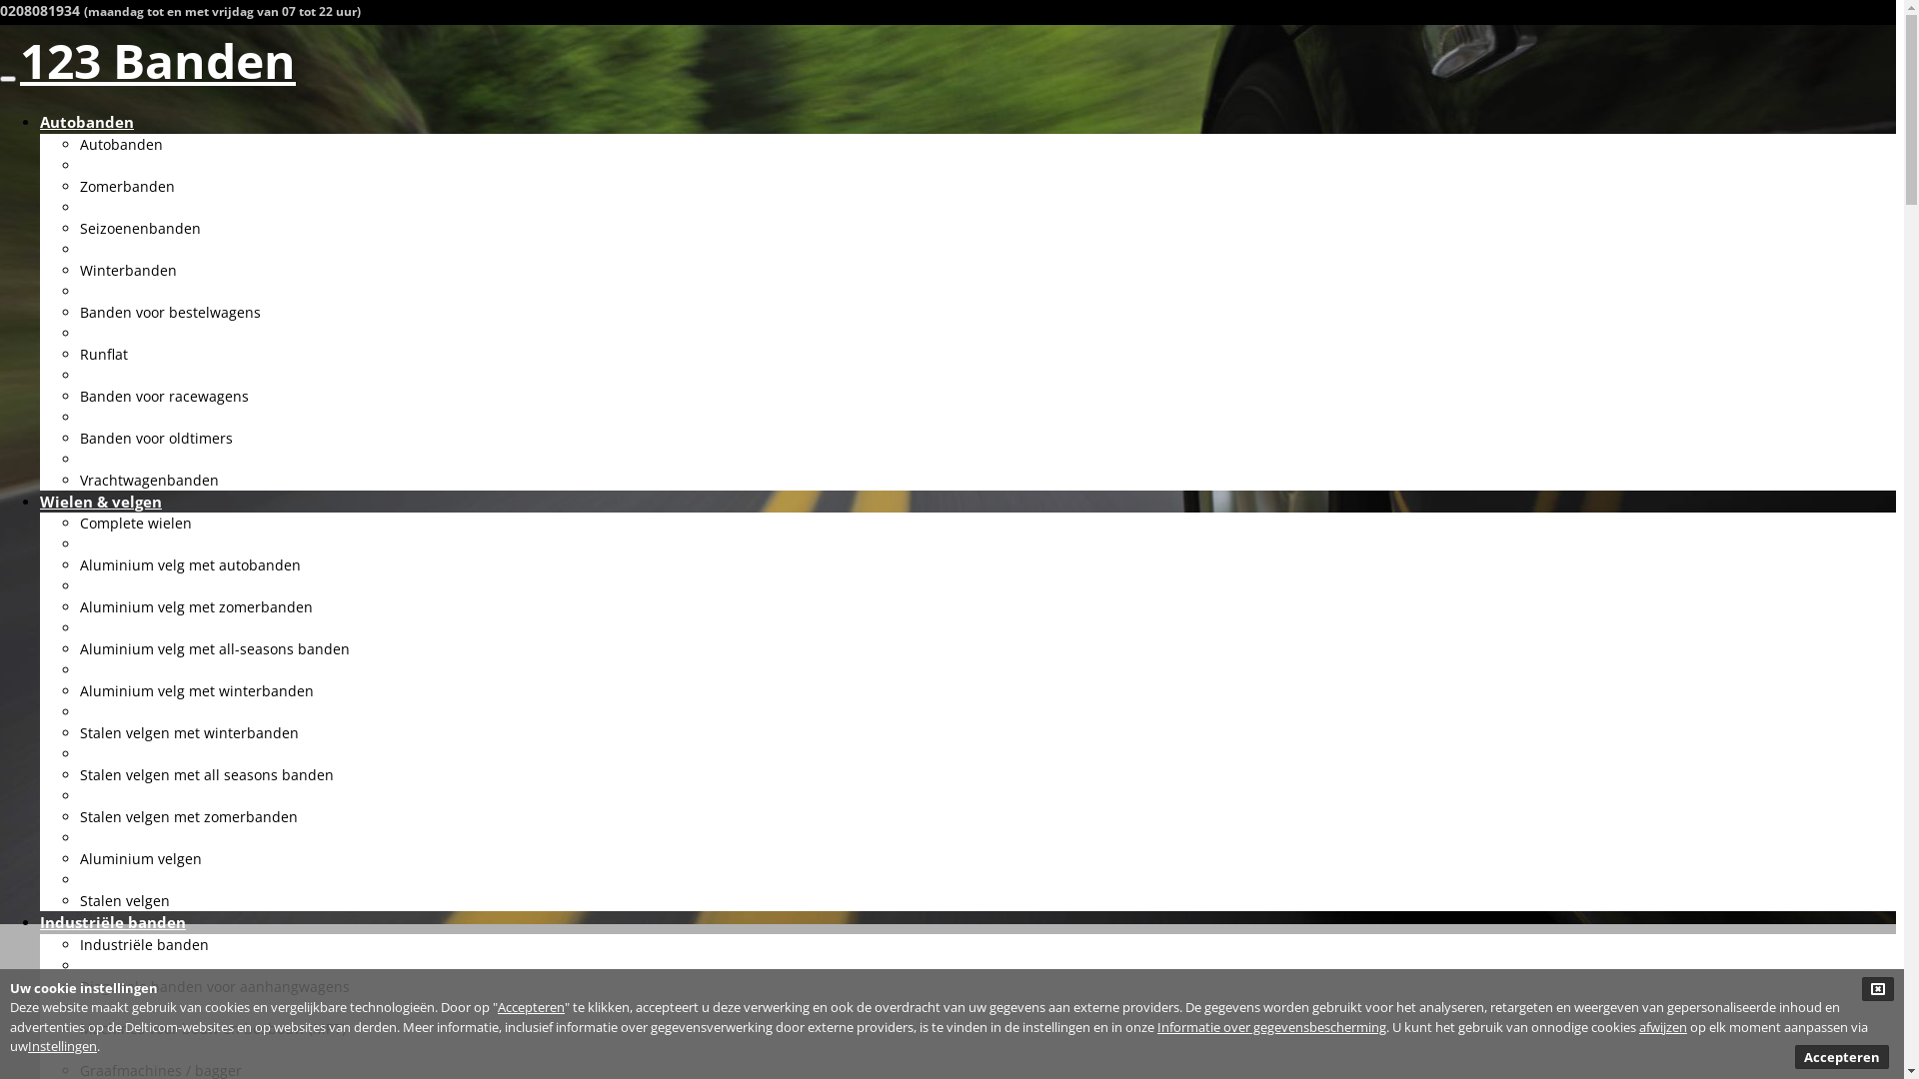  I want to click on 'Winterbanden', so click(127, 268).